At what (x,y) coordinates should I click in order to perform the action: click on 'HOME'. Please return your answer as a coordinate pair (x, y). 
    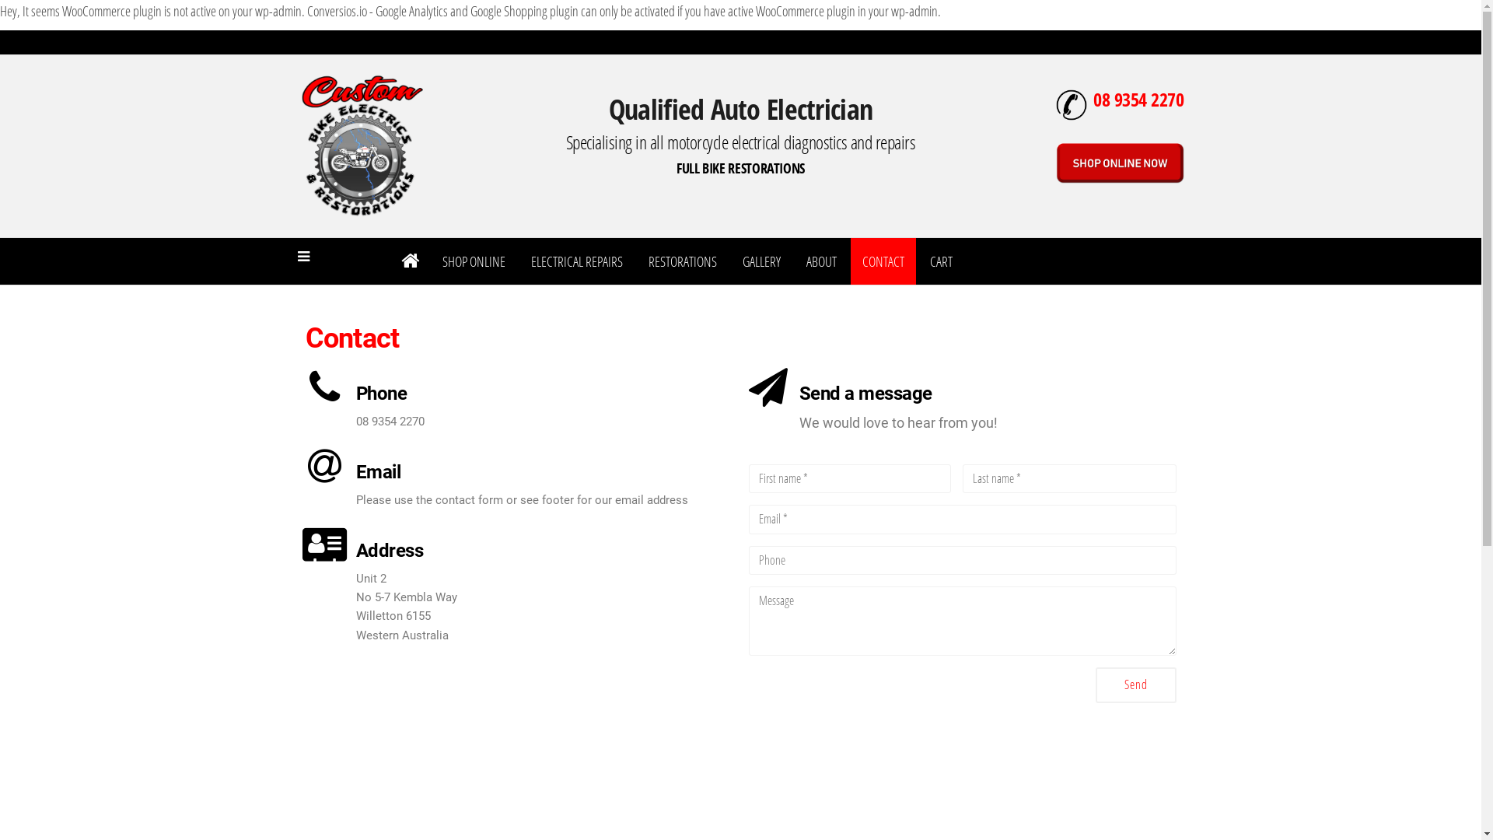
    Looking at the image, I should click on (409, 260).